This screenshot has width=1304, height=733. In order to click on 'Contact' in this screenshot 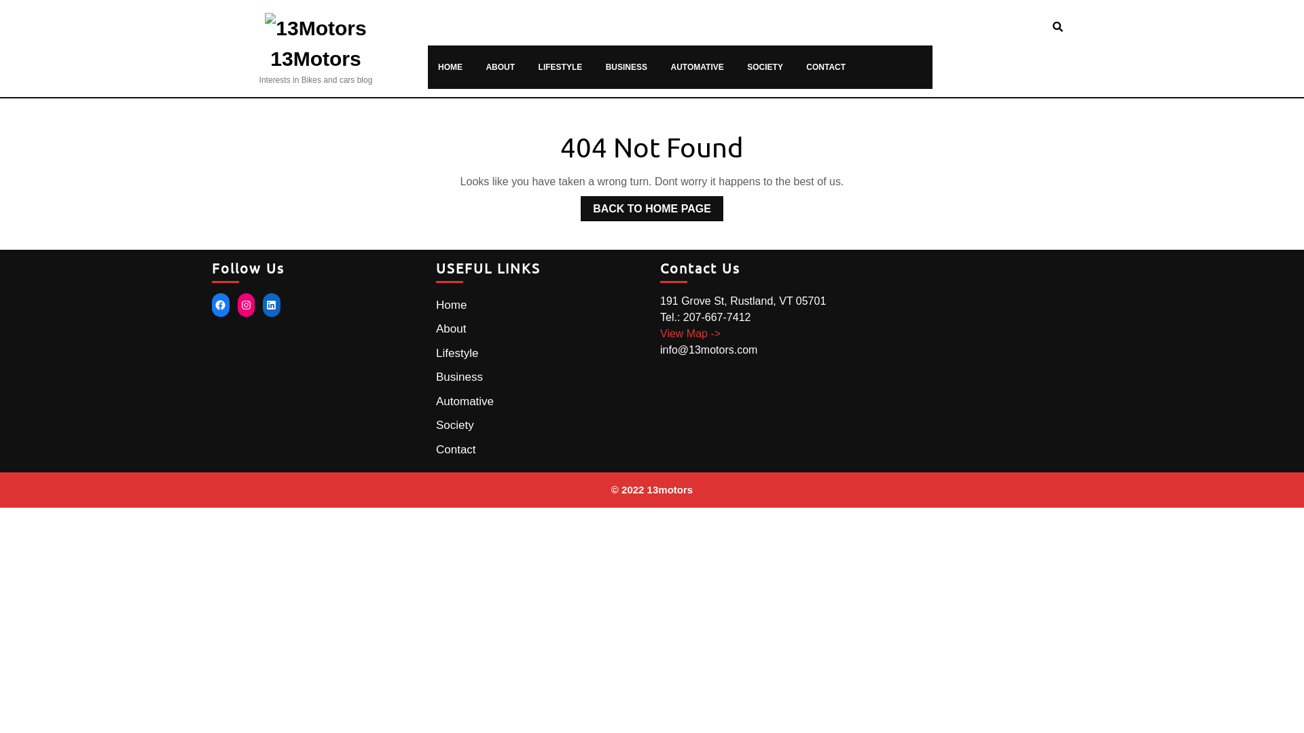, I will do `click(456, 449)`.